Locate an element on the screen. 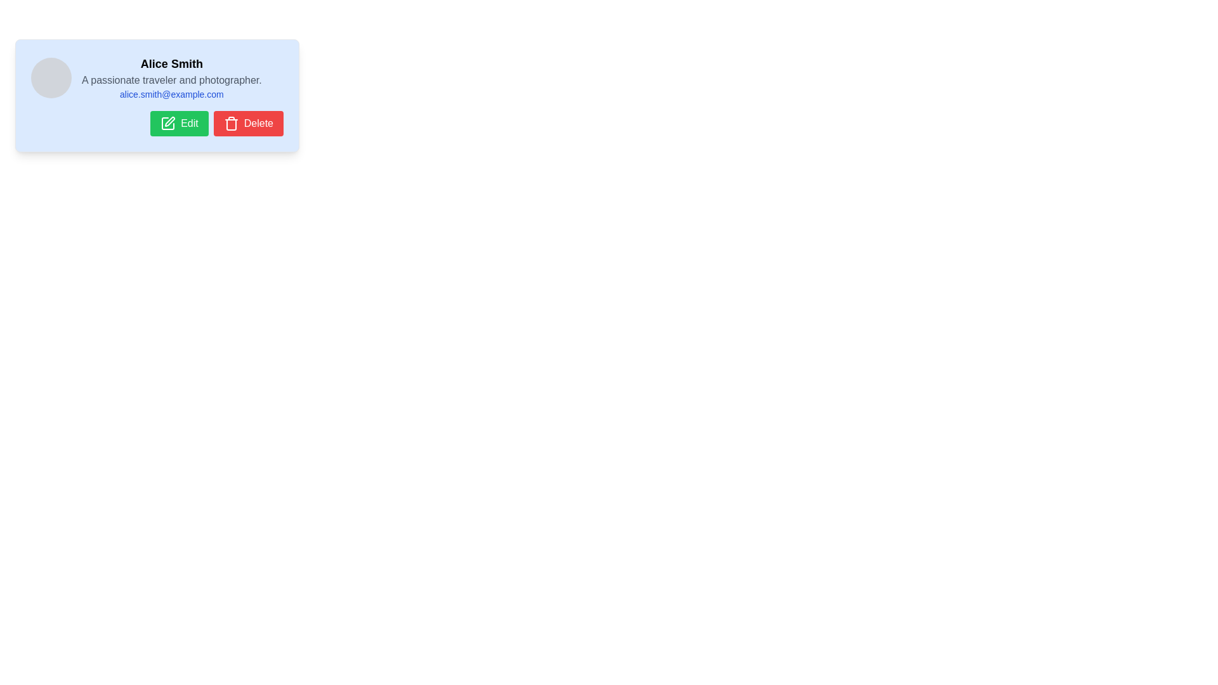  the trash bin icon located to the left of the 'Delete' text in the bottom-right corner of the user information card is located at coordinates (231, 124).